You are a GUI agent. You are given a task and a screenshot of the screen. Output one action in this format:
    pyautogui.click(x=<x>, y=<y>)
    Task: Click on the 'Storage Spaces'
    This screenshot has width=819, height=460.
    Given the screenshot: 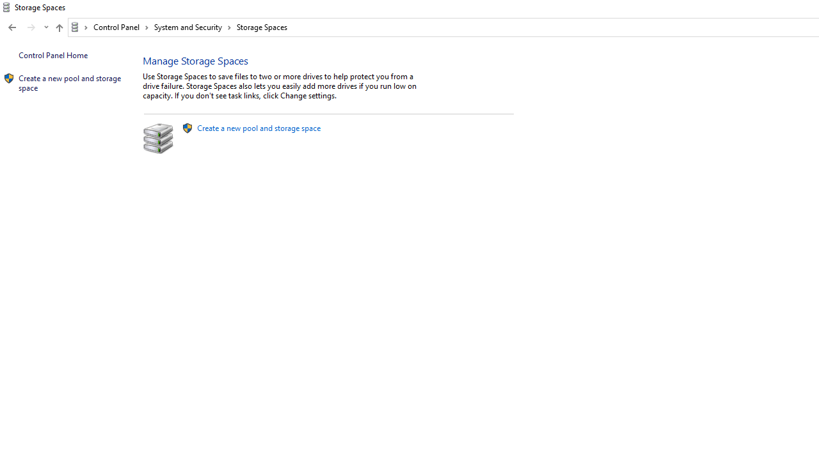 What is the action you would take?
    pyautogui.click(x=261, y=27)
    